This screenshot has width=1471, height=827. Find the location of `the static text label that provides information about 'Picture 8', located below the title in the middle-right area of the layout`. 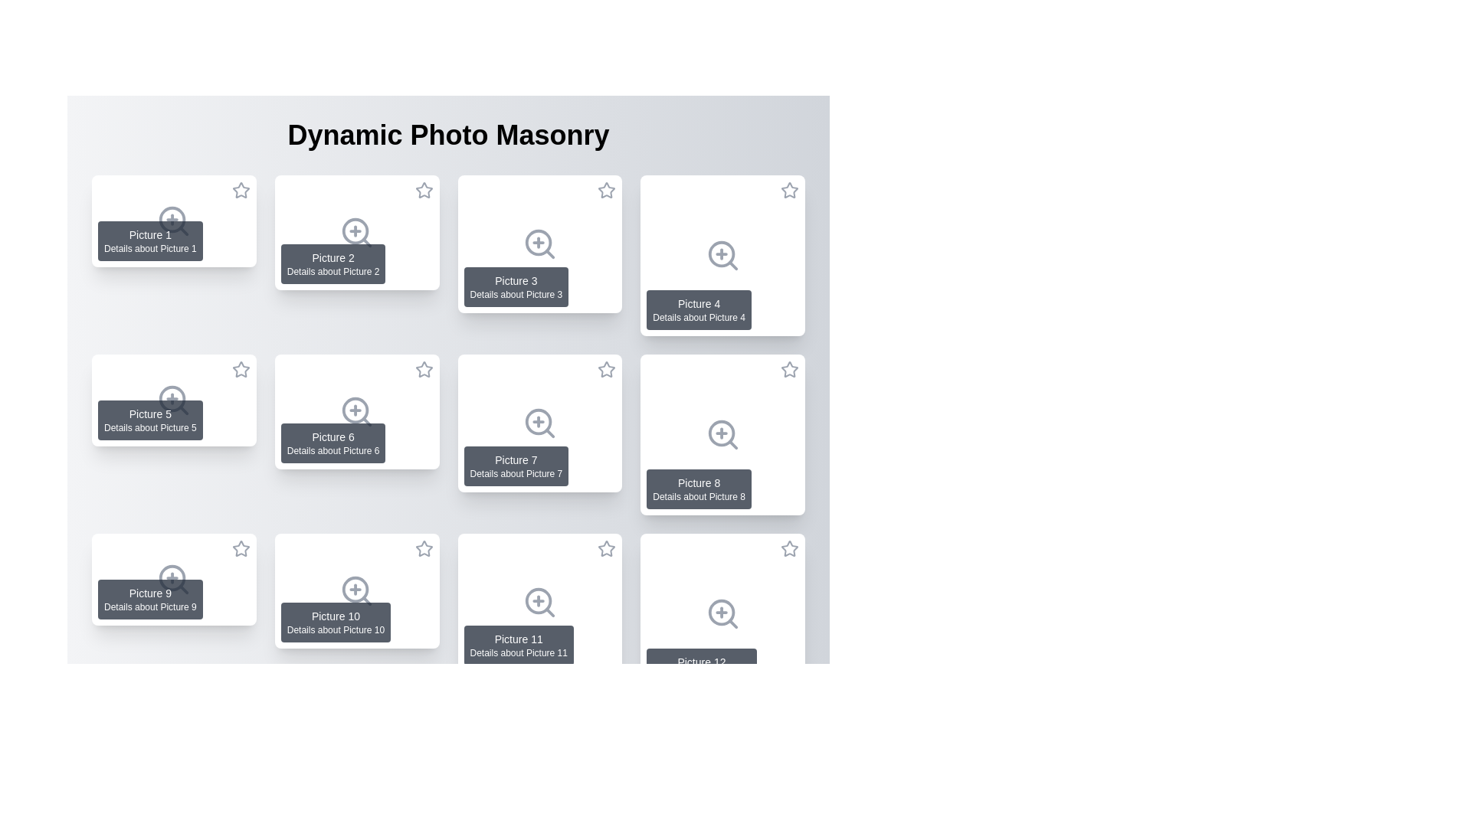

the static text label that provides information about 'Picture 8', located below the title in the middle-right area of the layout is located at coordinates (698, 496).